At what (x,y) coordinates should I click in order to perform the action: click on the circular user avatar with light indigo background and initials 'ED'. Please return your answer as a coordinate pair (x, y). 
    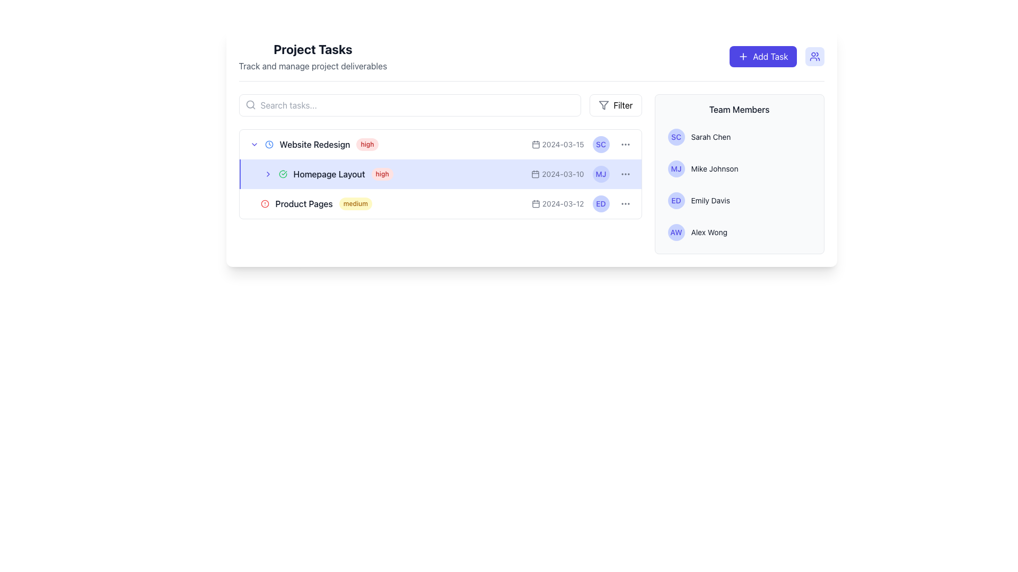
    Looking at the image, I should click on (601, 204).